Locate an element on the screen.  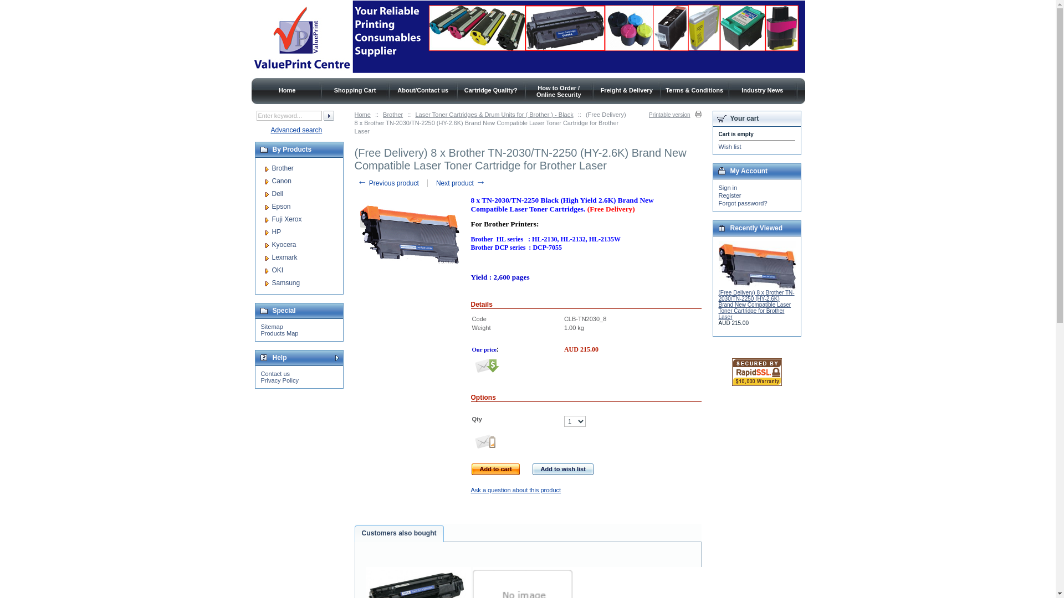
'Add to wish list' is located at coordinates (563, 469).